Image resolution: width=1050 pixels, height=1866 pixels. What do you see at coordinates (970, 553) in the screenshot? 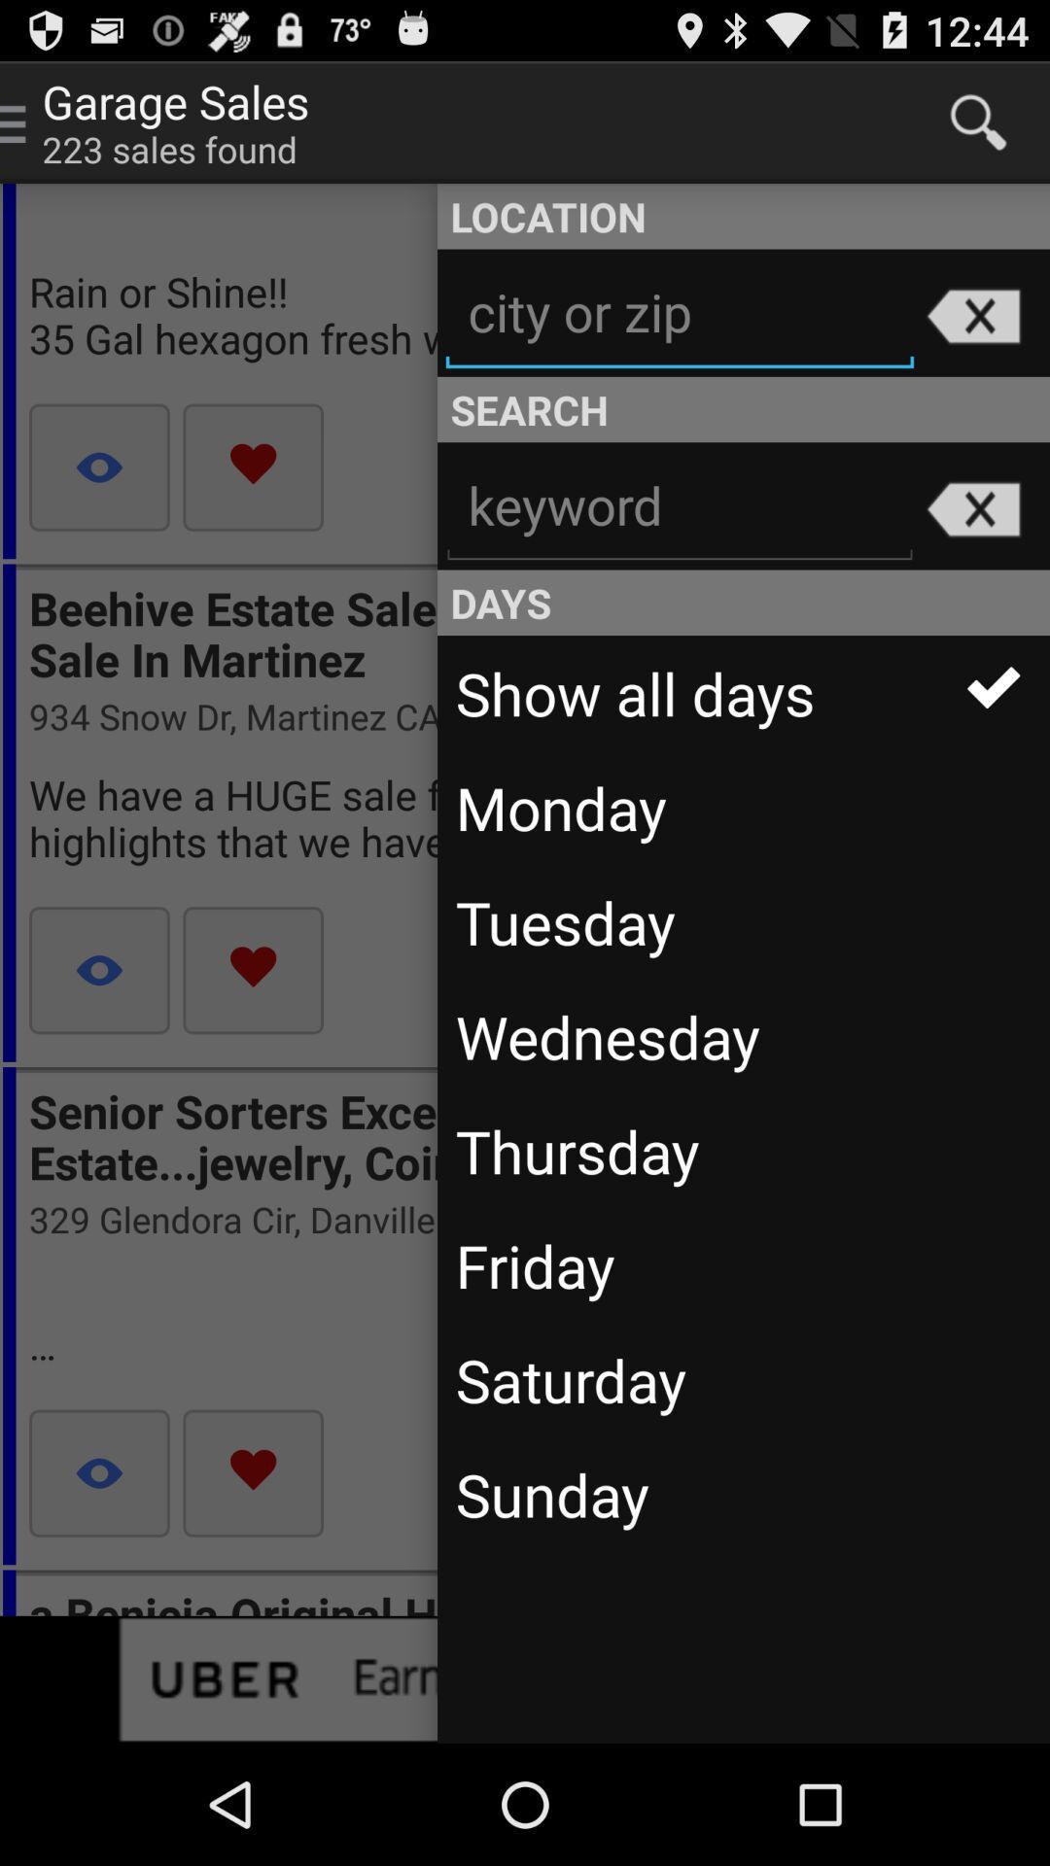
I see `the close icon` at bounding box center [970, 553].